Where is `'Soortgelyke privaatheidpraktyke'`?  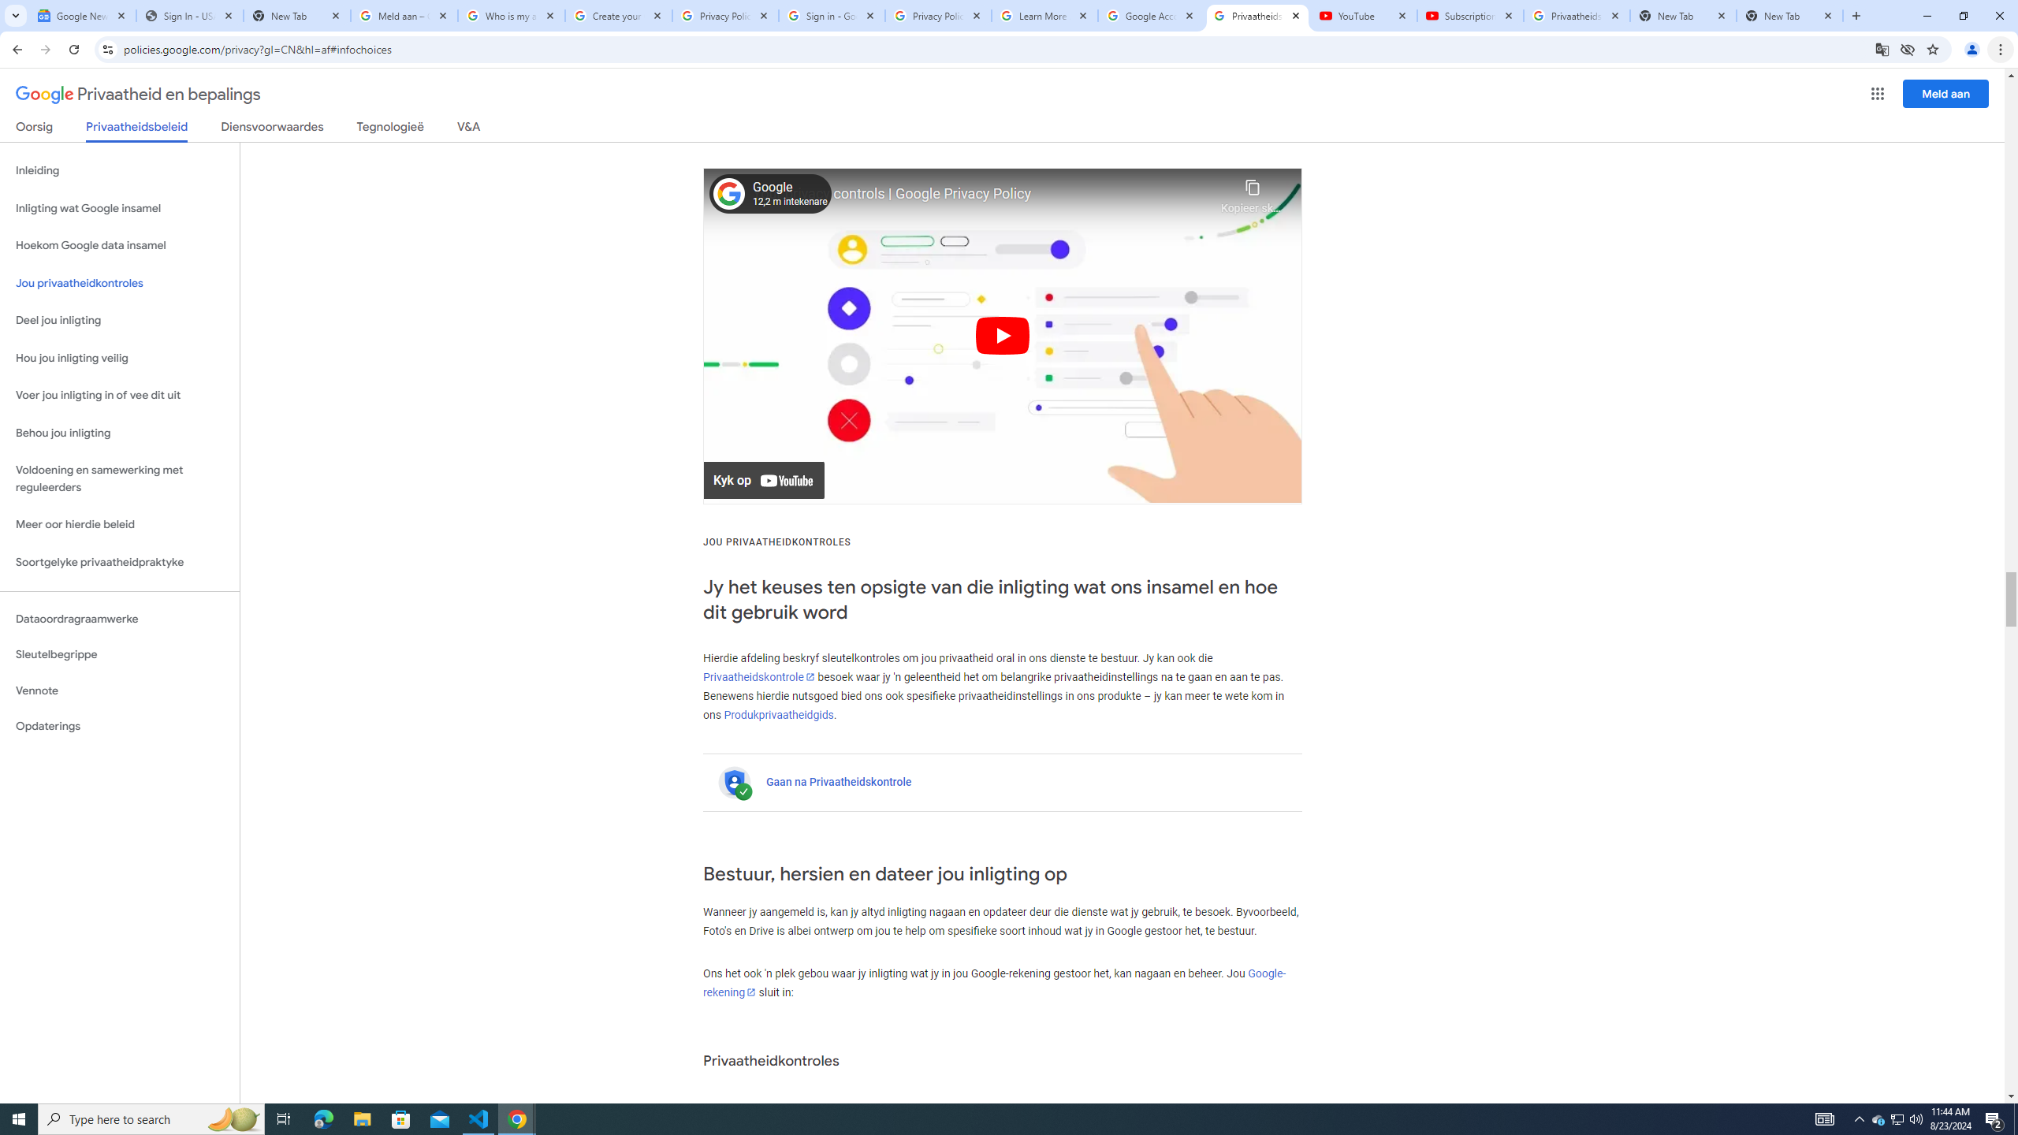
'Soortgelyke privaatheidpraktyke' is located at coordinates (119, 561).